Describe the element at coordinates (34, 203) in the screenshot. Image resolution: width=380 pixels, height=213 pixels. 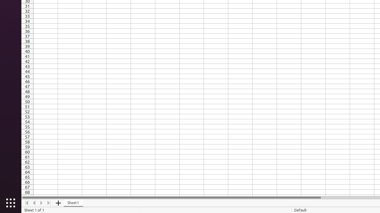
I see `'Move Left'` at that location.